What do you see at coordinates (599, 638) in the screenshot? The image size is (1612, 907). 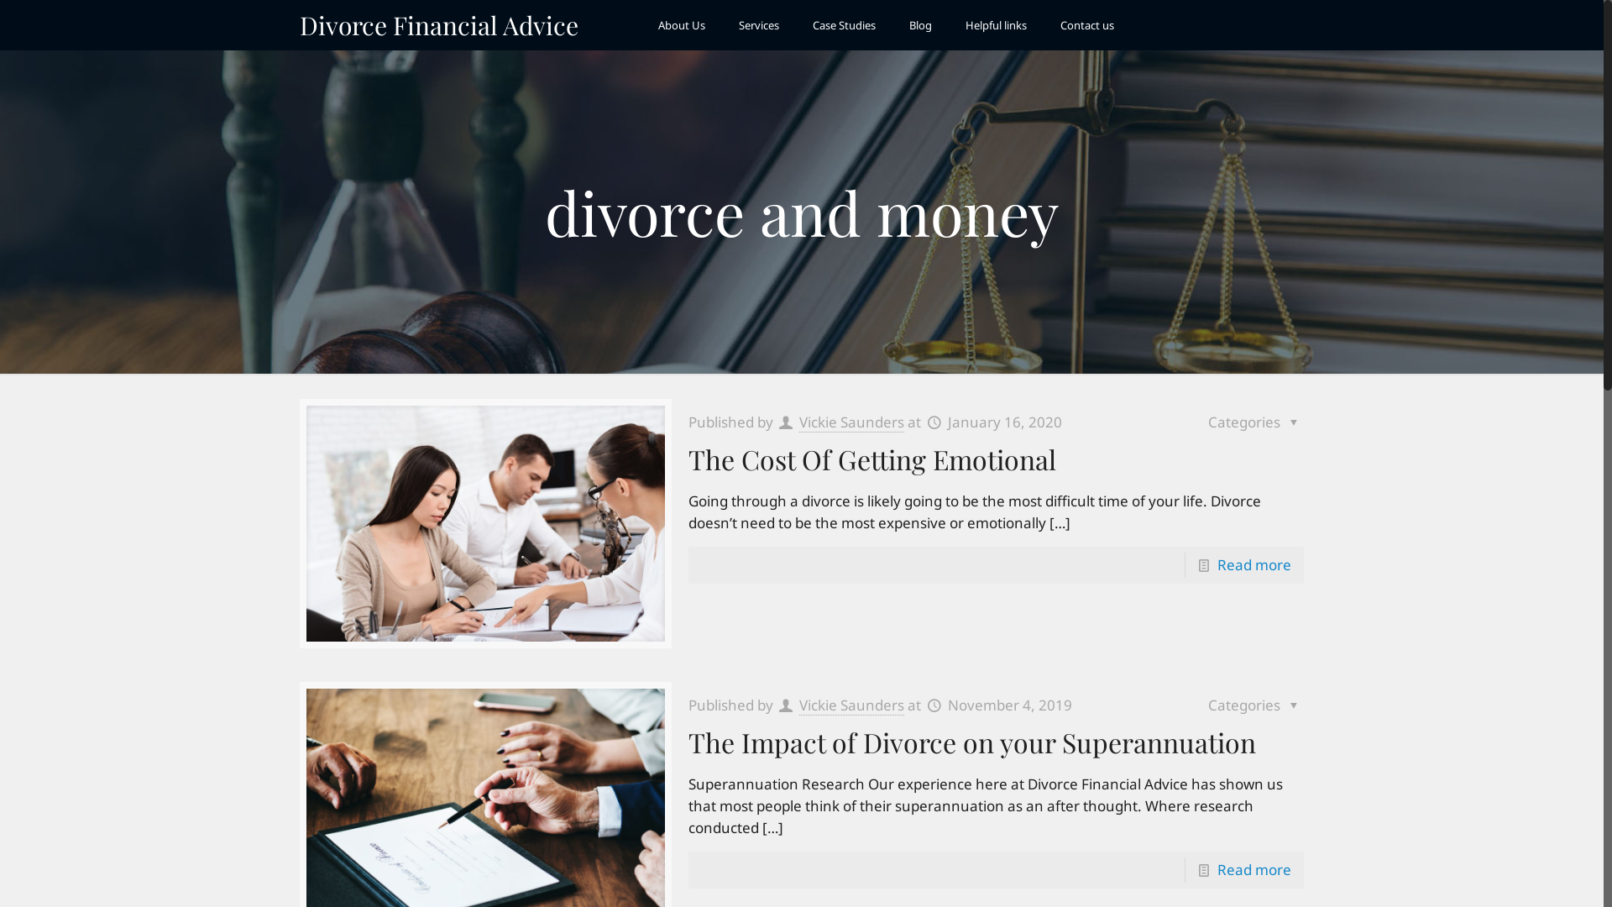 I see `'Home'` at bounding box center [599, 638].